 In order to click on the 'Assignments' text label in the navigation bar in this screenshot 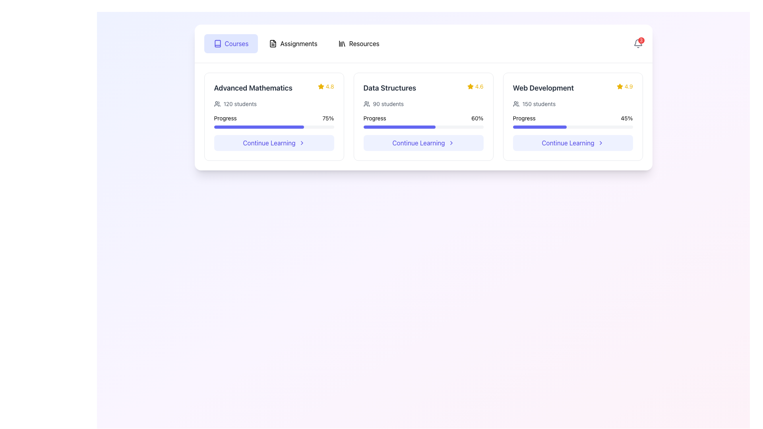, I will do `click(298, 44)`.